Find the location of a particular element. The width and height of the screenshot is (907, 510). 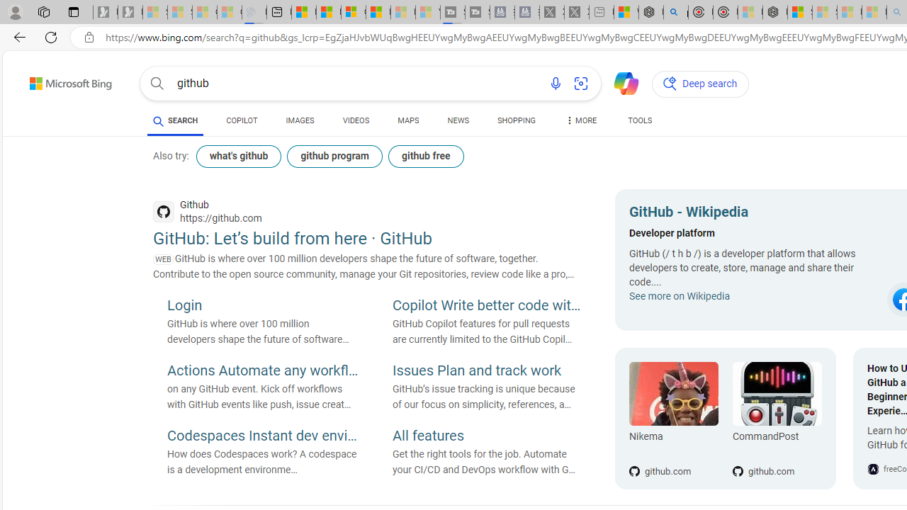

'Nikema' is located at coordinates (673, 394).